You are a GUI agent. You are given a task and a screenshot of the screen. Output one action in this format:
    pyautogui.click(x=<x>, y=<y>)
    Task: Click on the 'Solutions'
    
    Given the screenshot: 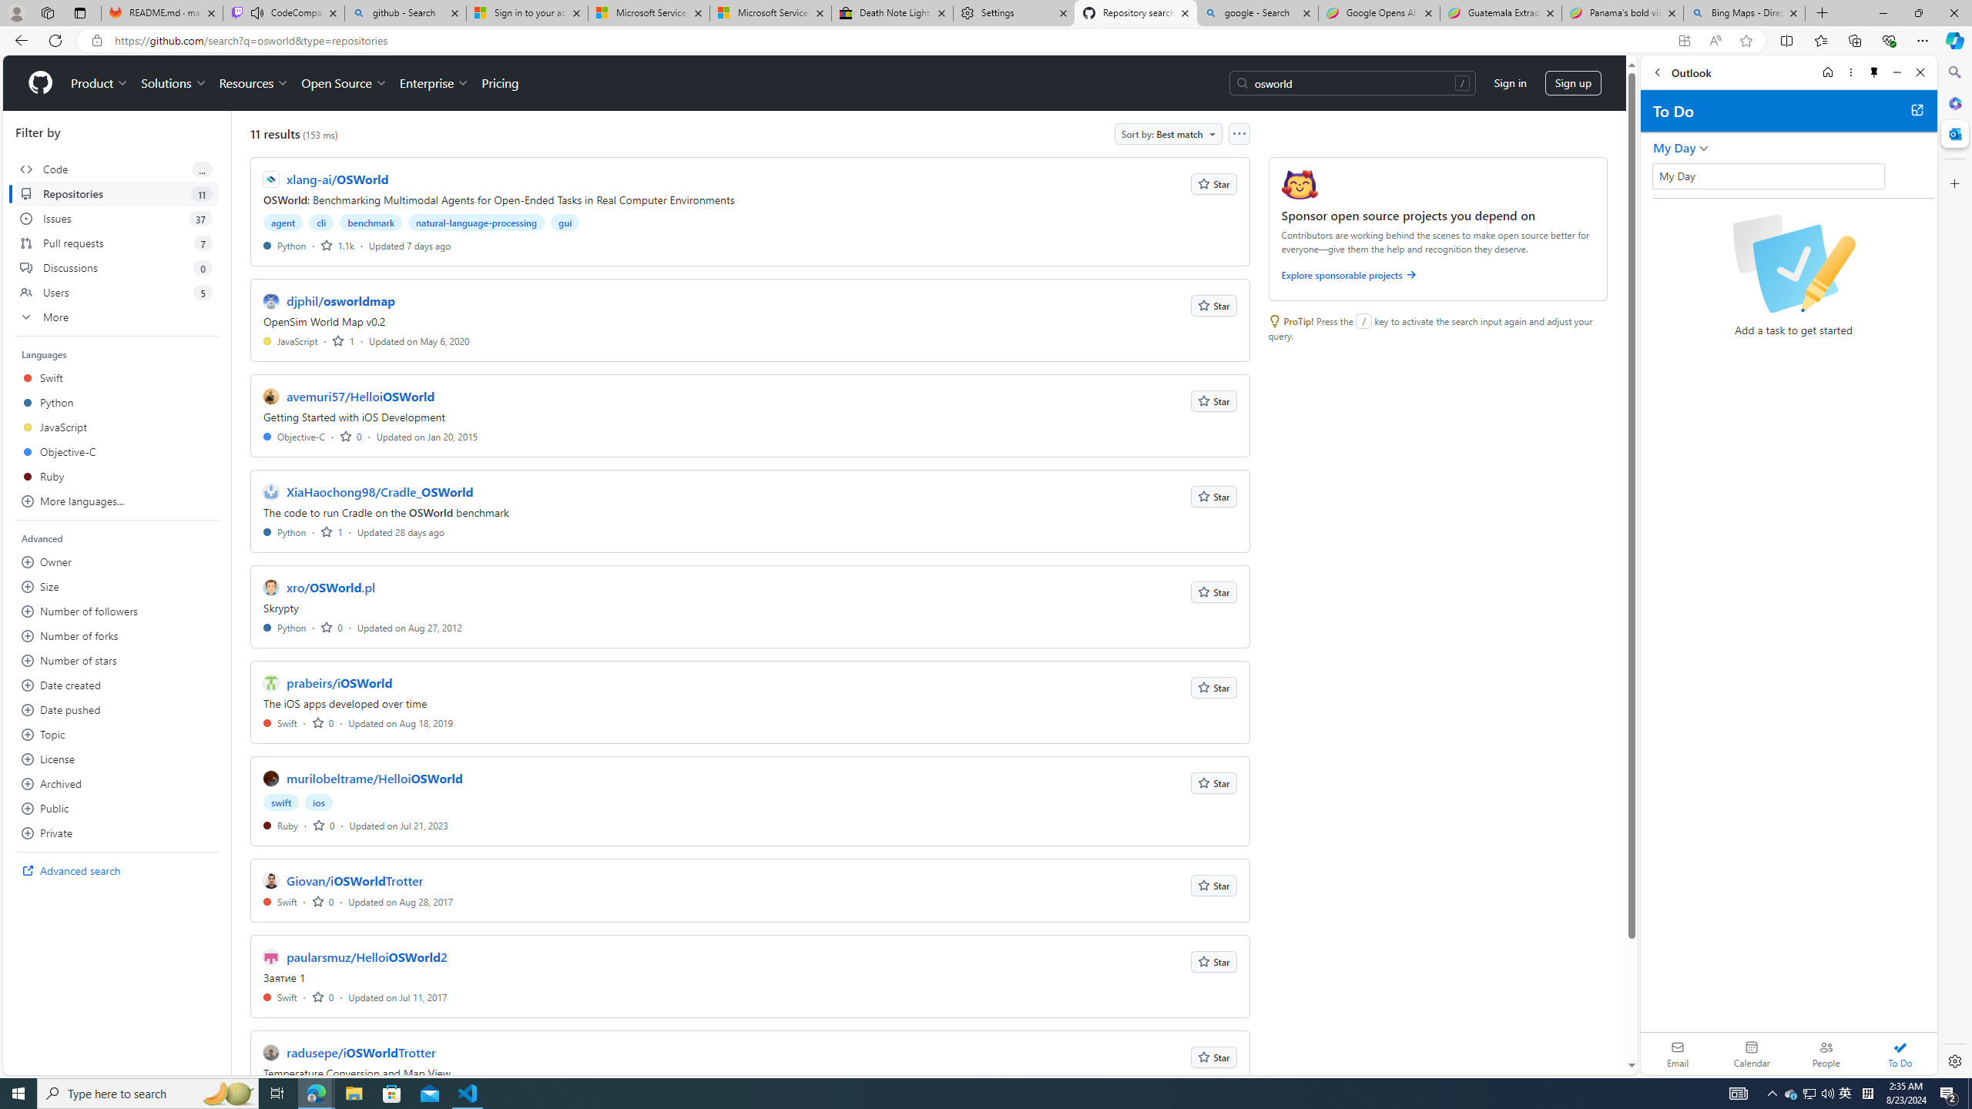 What is the action you would take?
    pyautogui.click(x=173, y=82)
    